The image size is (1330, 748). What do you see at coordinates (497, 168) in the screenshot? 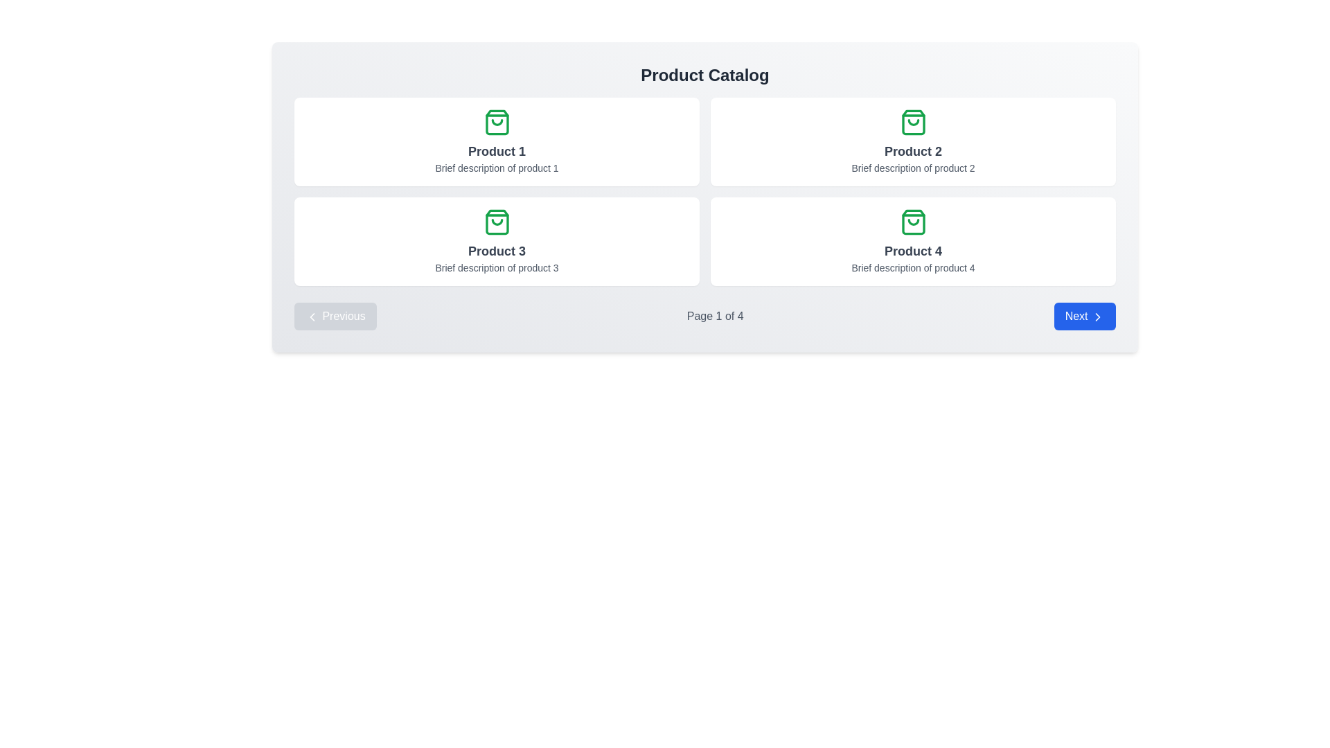
I see `the Text label that provides additional details about 'Product 1', located below the title and aligned centrally with the icon in the first row, first column of the catalog grid` at bounding box center [497, 168].